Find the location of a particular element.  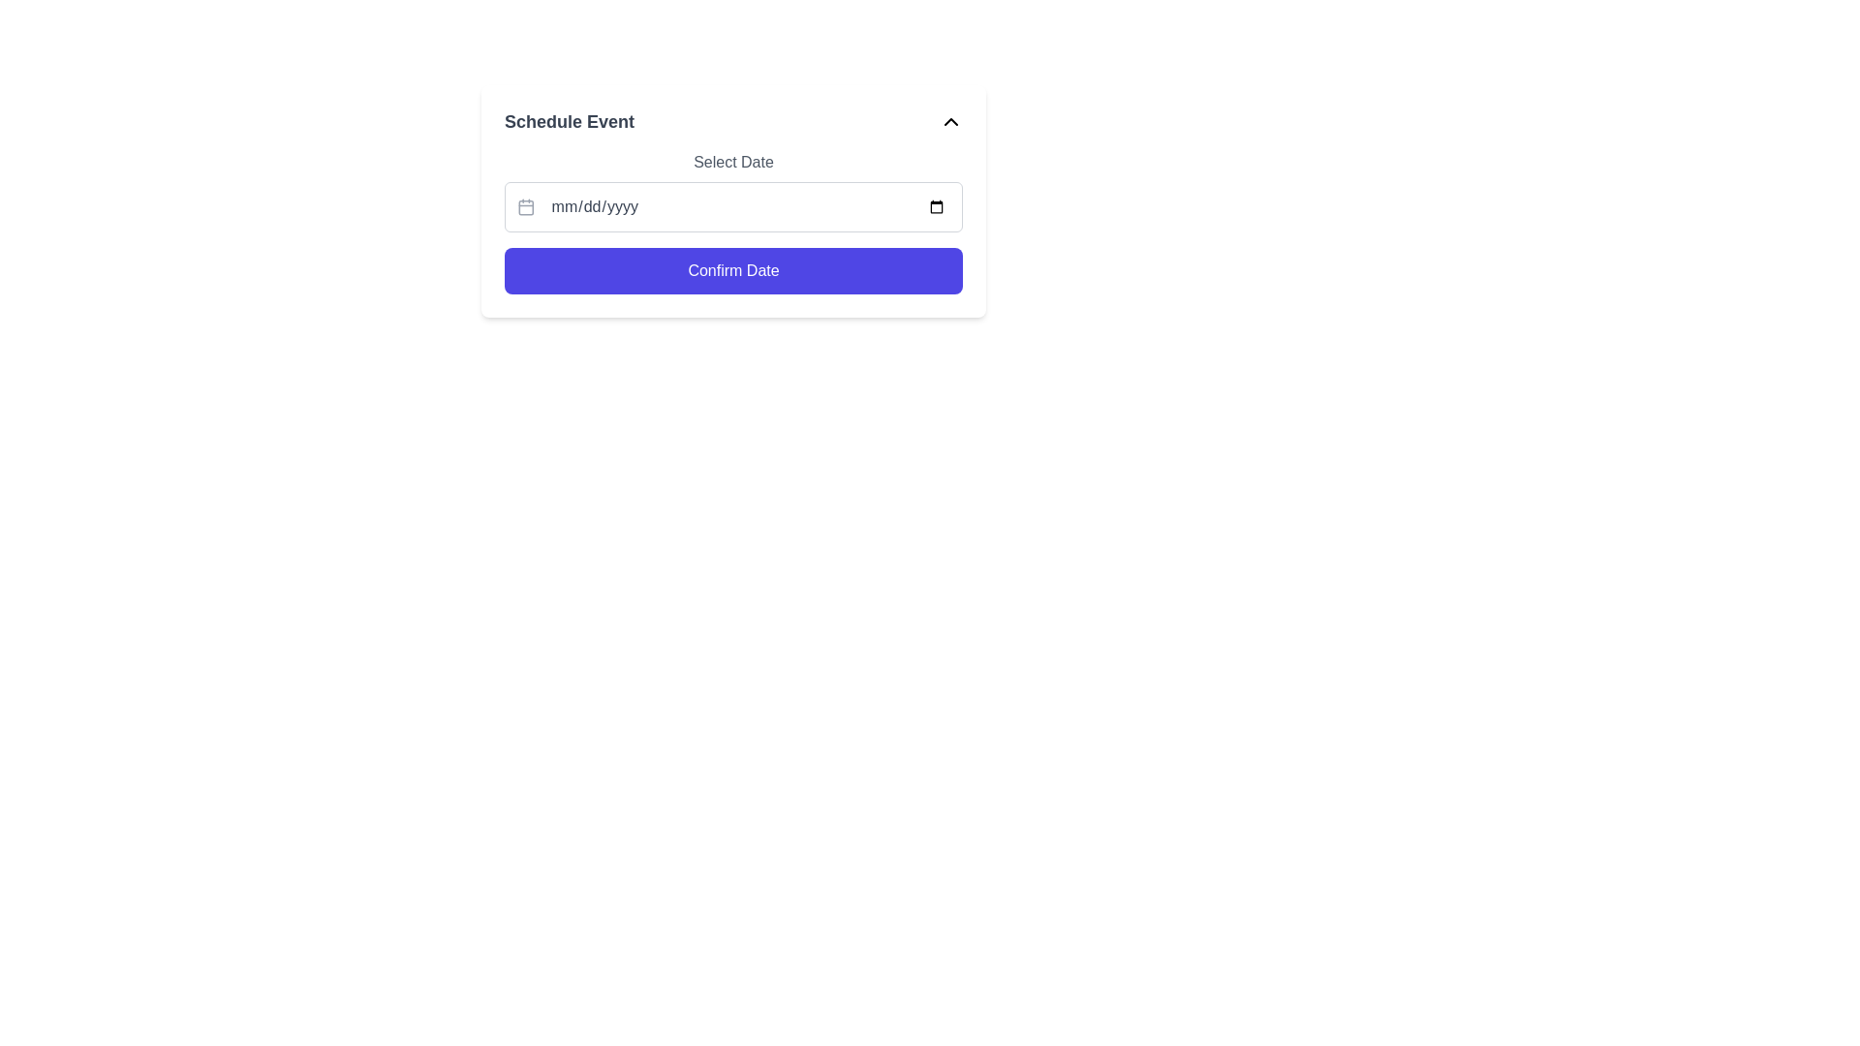

the 'Confirm Date' button, which is a rectangular button with a vibrant indigo background and white text, located below the date input field labeled 'mm/dd/yyyy' is located at coordinates (732, 271).